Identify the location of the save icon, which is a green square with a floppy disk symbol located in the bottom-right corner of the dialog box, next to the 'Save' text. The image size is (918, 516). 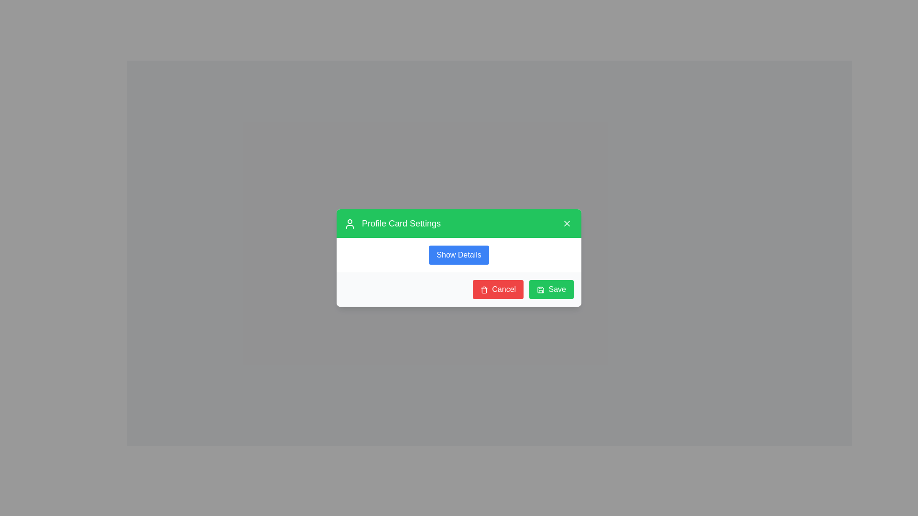
(541, 289).